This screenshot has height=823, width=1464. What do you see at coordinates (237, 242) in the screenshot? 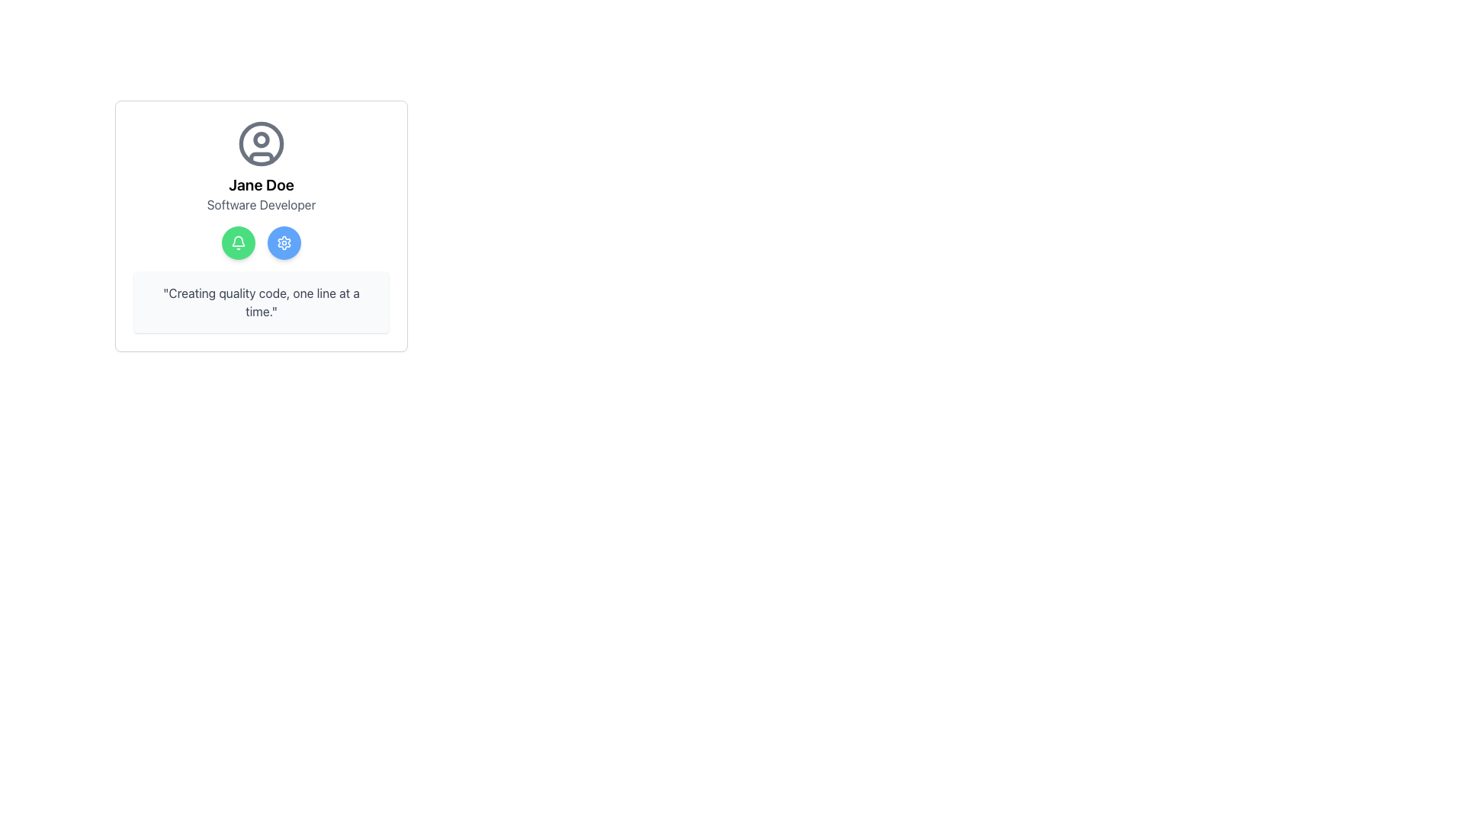
I see `the notification icon, which is the first icon on the left within a group of two circular icons, located below the title 'Software Developer'` at bounding box center [237, 242].